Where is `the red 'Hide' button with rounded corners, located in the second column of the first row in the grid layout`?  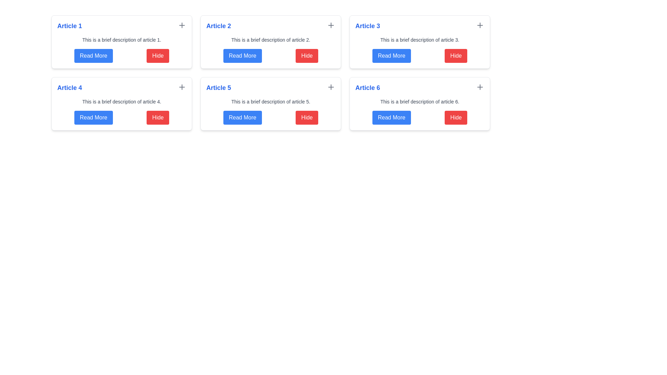 the red 'Hide' button with rounded corners, located in the second column of the first row in the grid layout is located at coordinates (306, 56).